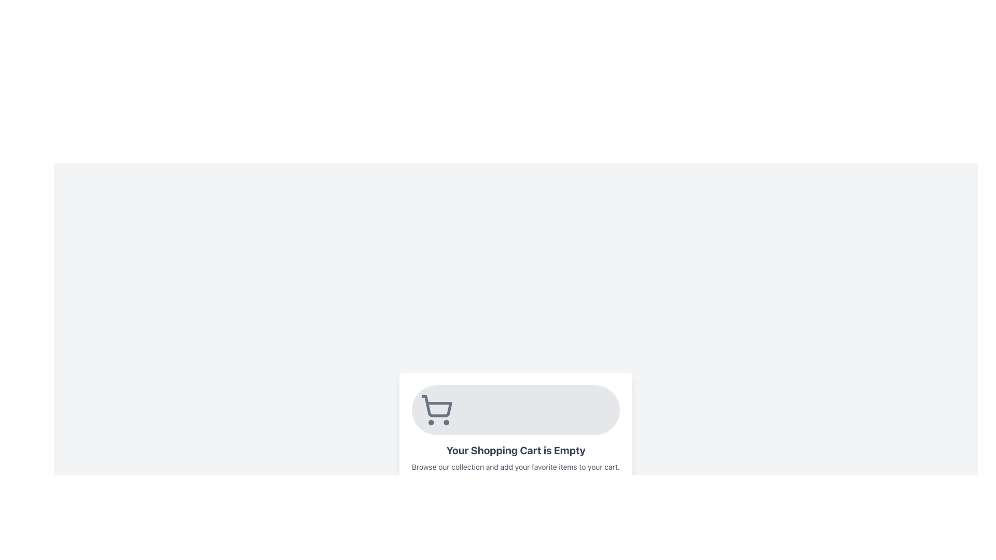 This screenshot has width=996, height=560. I want to click on the shopping cart vector icon, which is gray and features a minimalistic design with two small circles underneath, located above the text 'Your Shopping Cart is Empty', so click(437, 409).